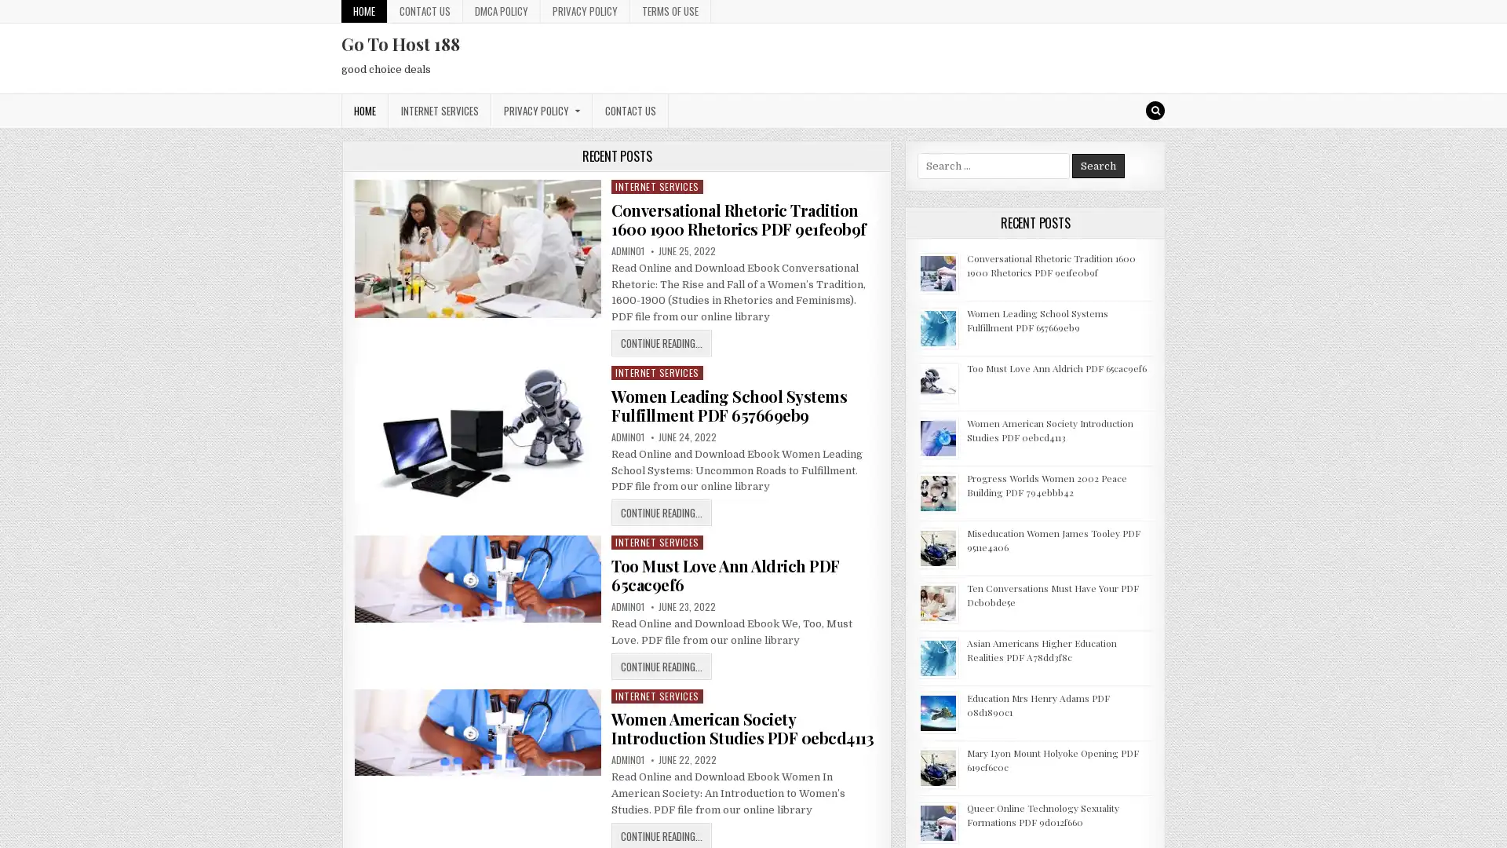  Describe the element at coordinates (1097, 166) in the screenshot. I see `Search` at that location.